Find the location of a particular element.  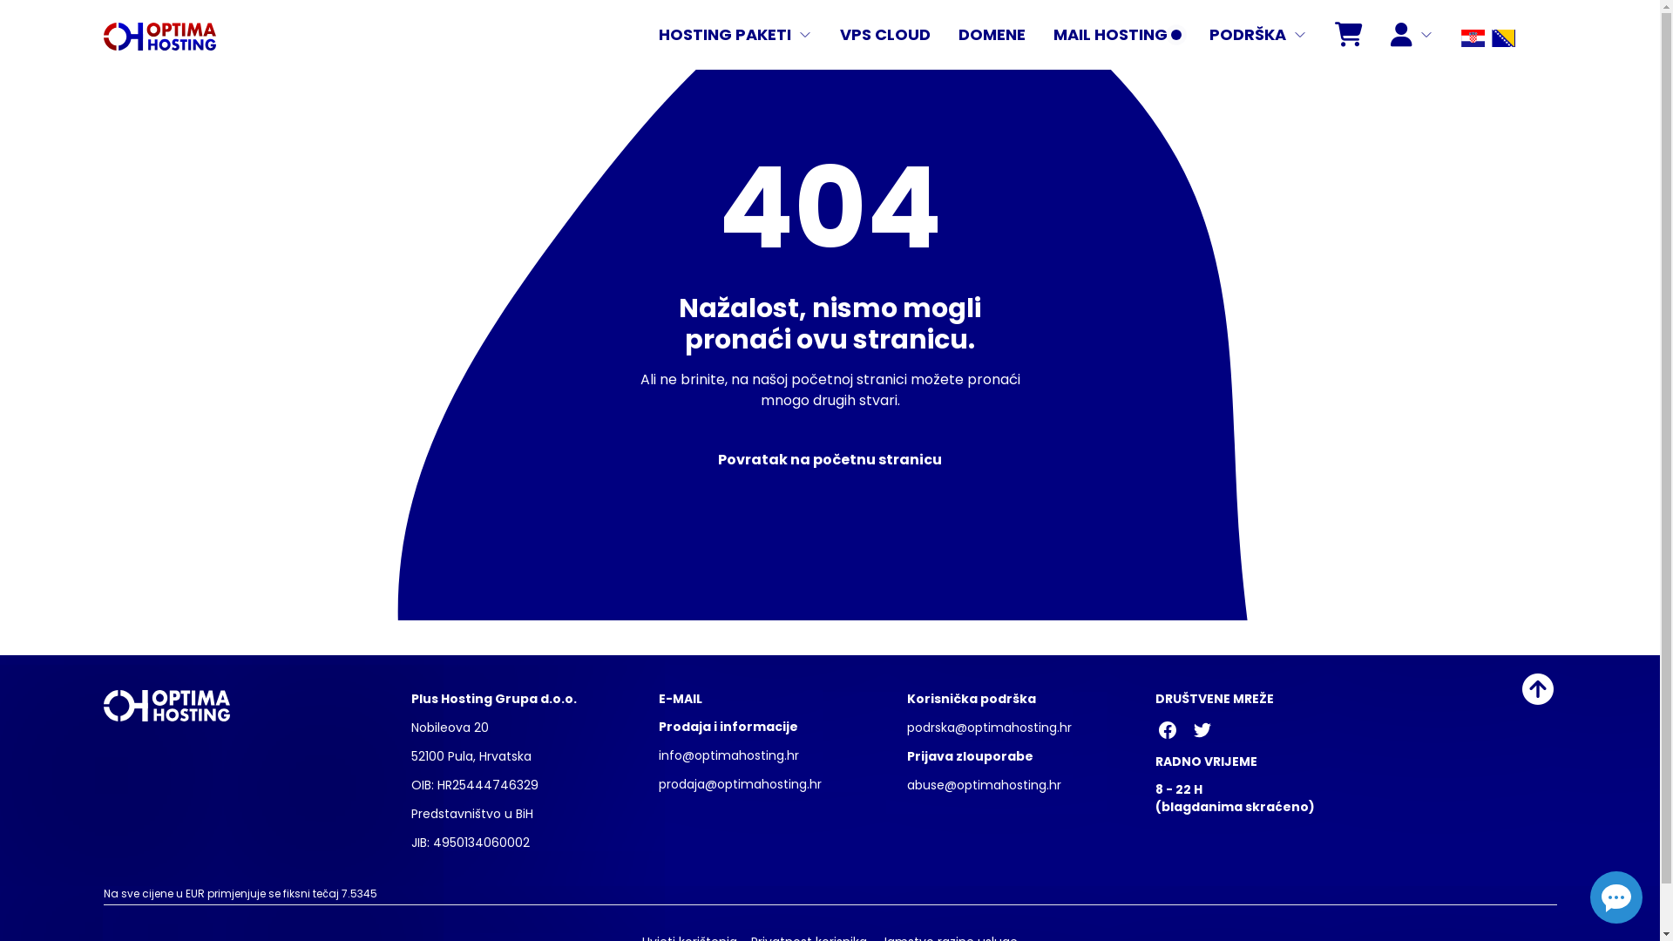

'Facebook' is located at coordinates (1167, 729).